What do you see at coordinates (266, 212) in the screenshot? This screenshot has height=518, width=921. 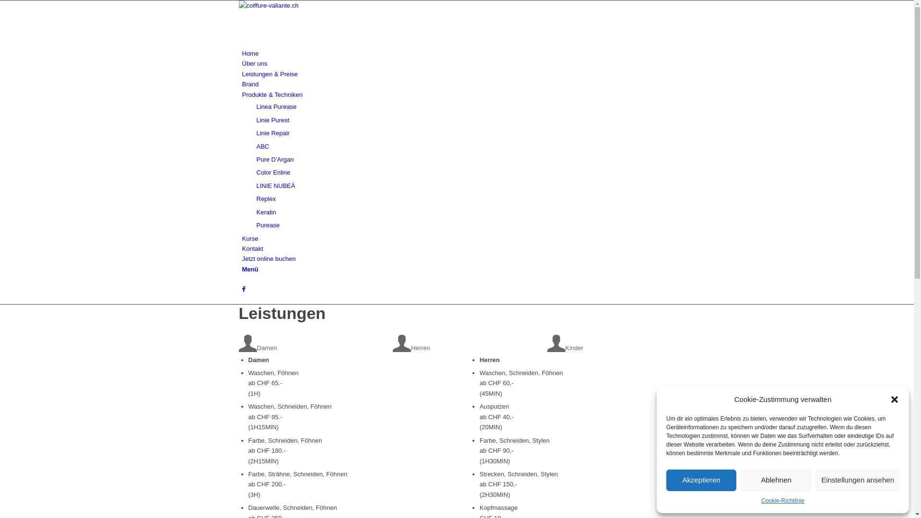 I see `'Keratin'` at bounding box center [266, 212].